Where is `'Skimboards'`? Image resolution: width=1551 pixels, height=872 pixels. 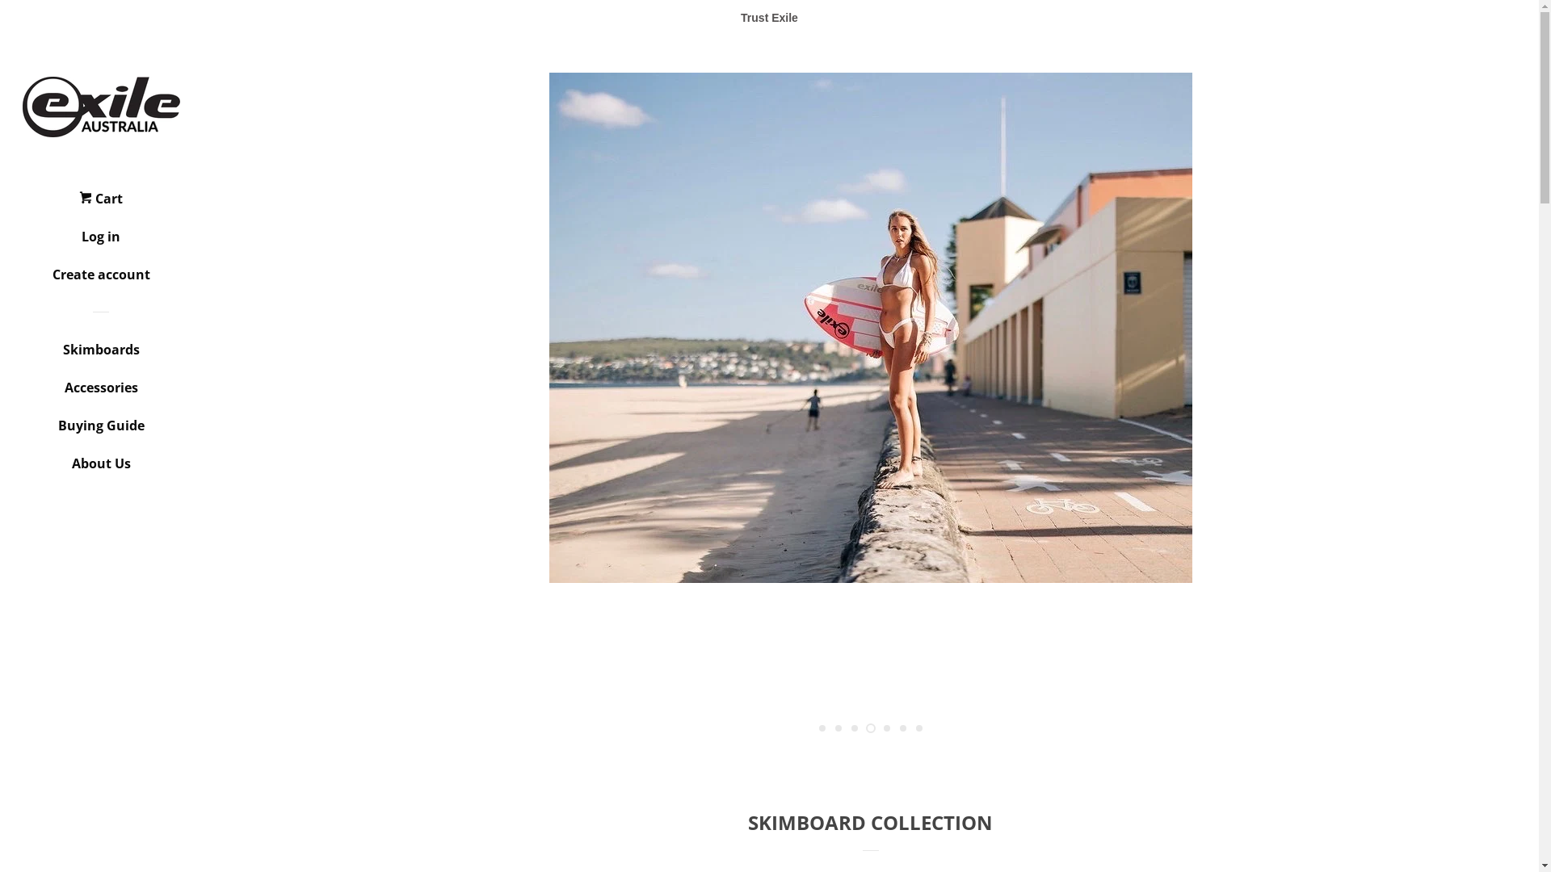
'Skimboards' is located at coordinates (99, 354).